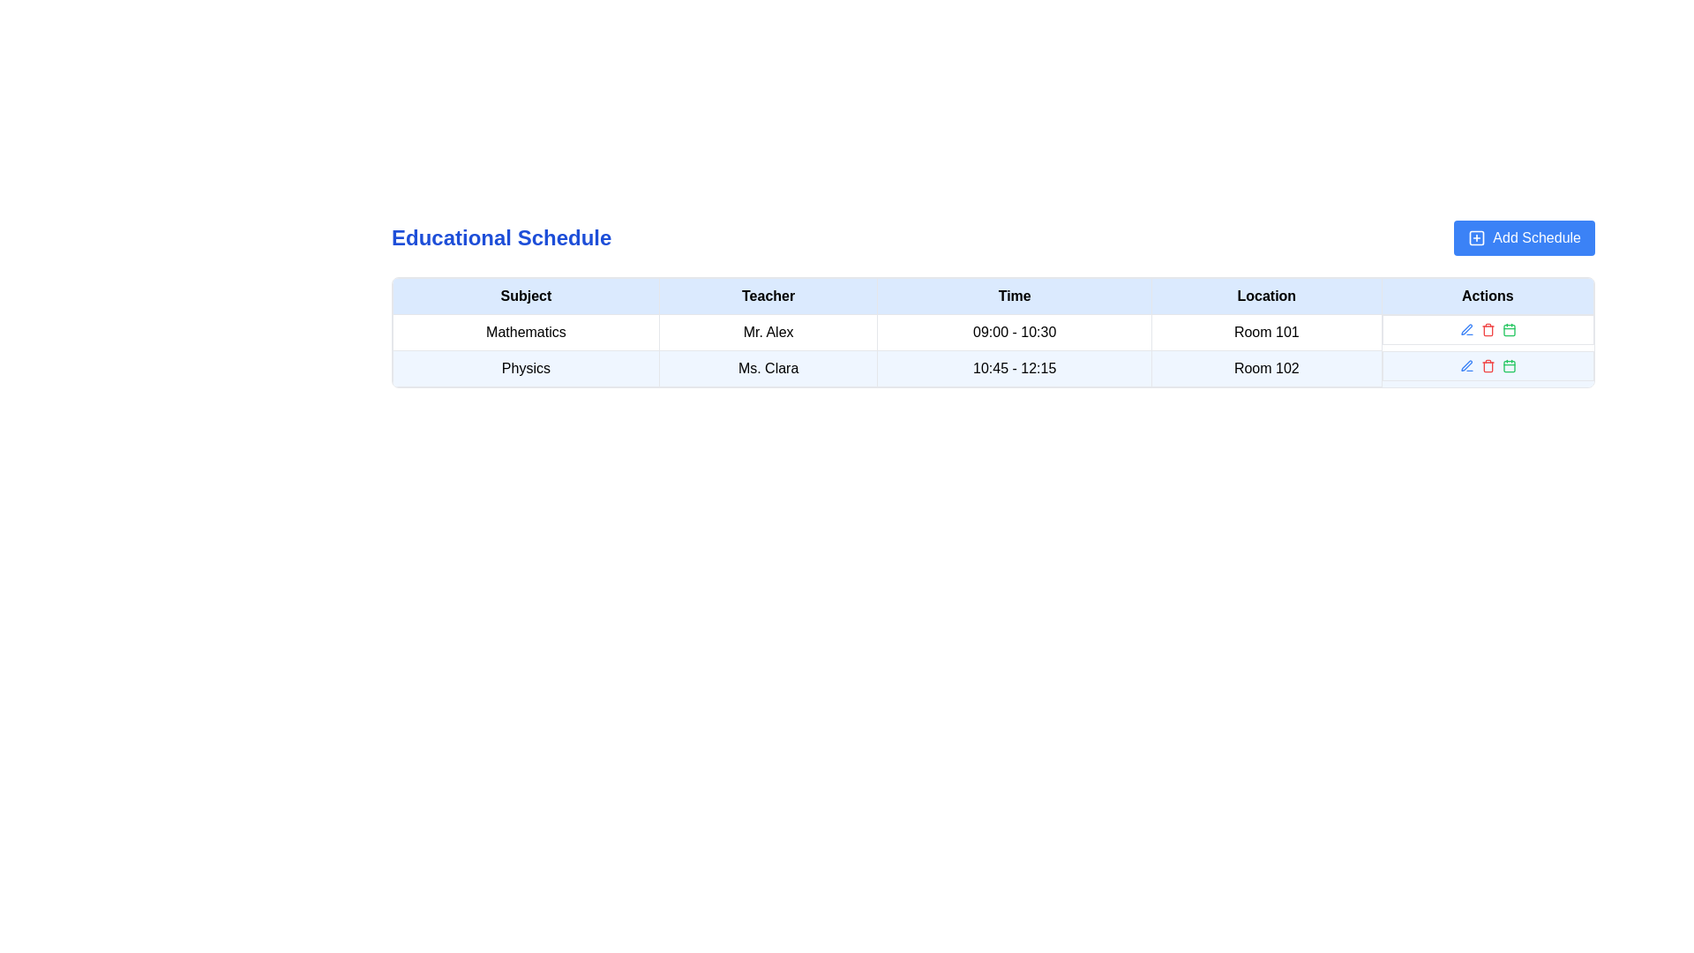 Image resolution: width=1694 pixels, height=953 pixels. What do you see at coordinates (768, 295) in the screenshot?
I see `the 'Teacher' text label in the second column header of the table, which is positioned between the 'Subject' and 'Time' column headers` at bounding box center [768, 295].